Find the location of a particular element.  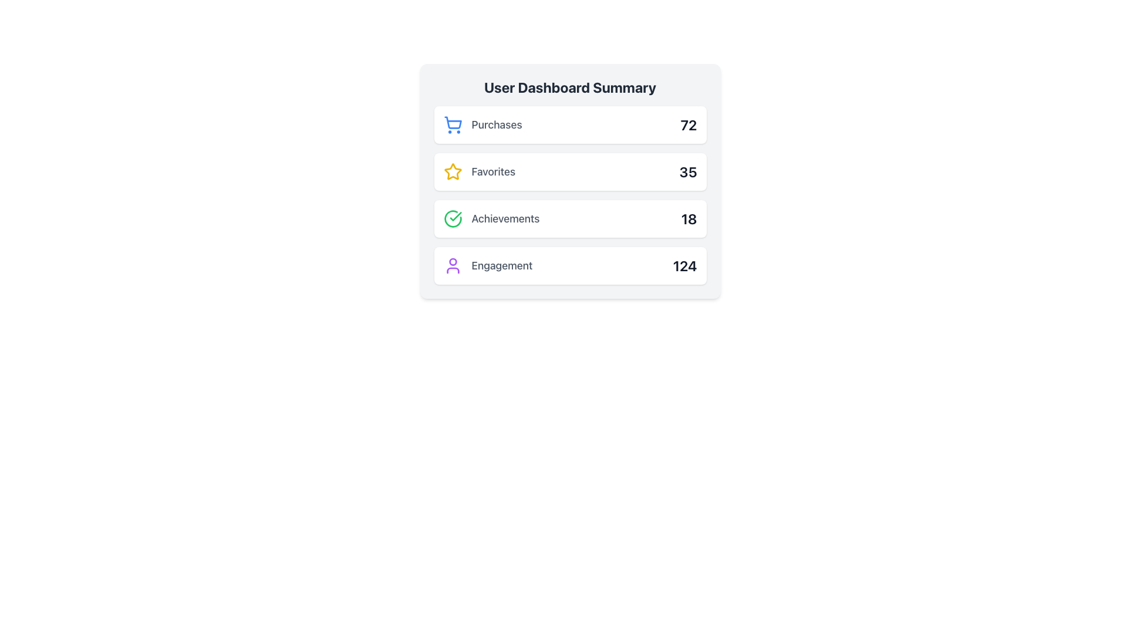

the individual rows of the Information Panel in the User Dashboard Summary card is located at coordinates (570, 194).